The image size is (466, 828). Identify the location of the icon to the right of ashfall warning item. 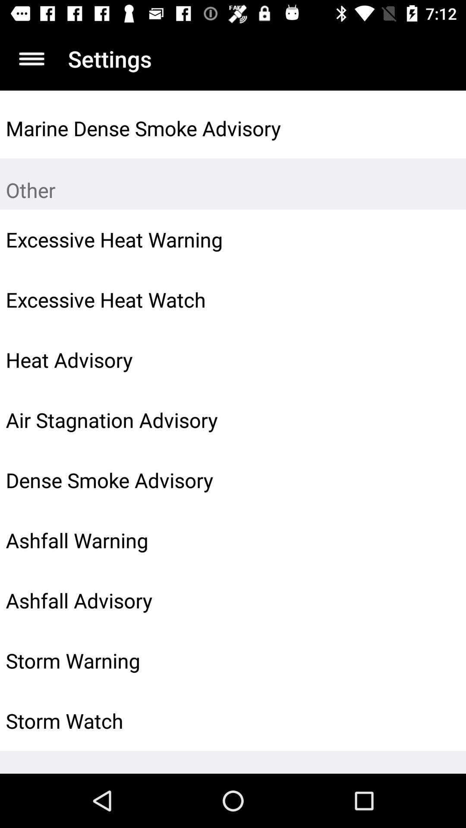
(439, 540).